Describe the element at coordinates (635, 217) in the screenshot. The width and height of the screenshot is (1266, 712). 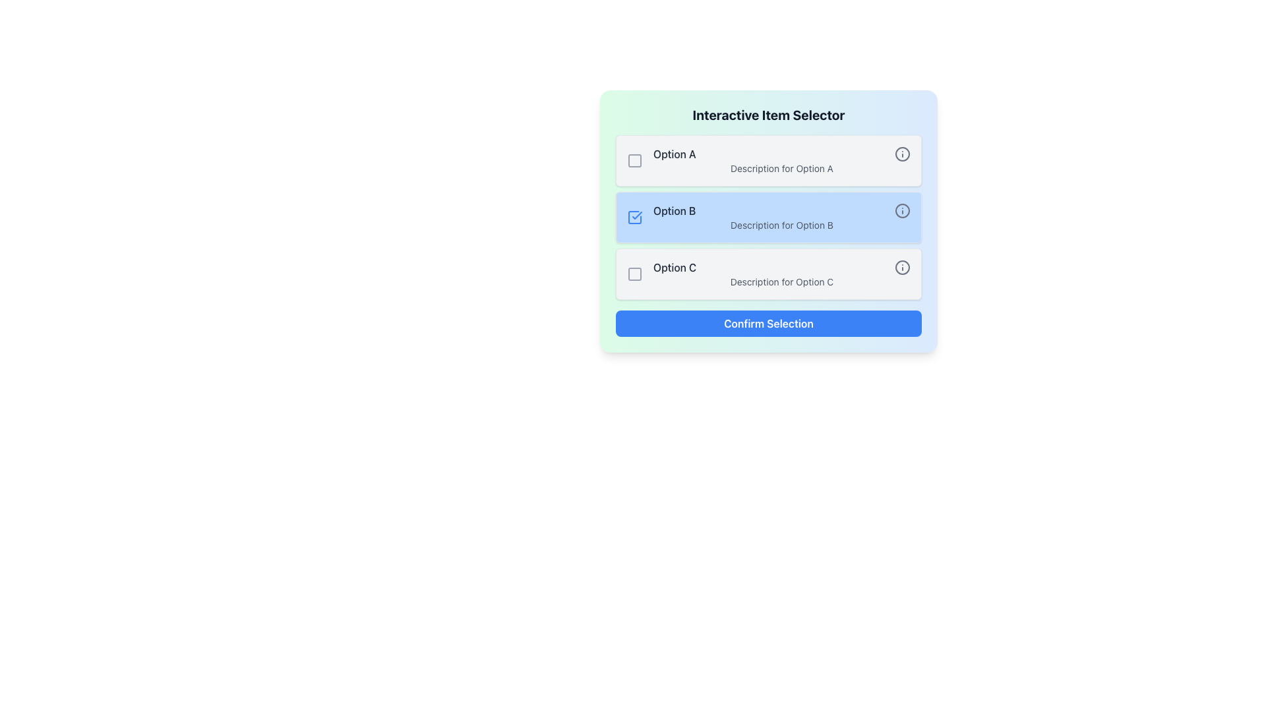
I see `the blue checkbox indicating the selected state for 'Option B' to provide additional visual feedback` at that location.